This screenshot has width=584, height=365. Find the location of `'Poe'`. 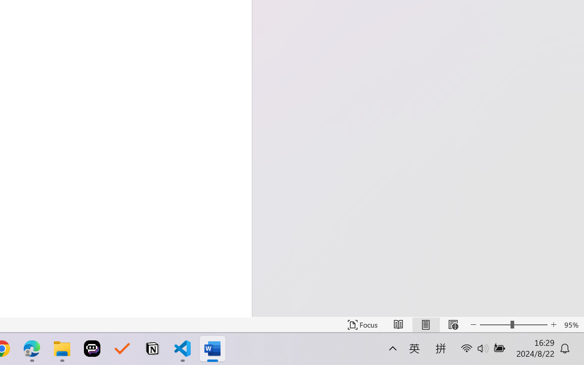

'Poe' is located at coordinates (92, 349).